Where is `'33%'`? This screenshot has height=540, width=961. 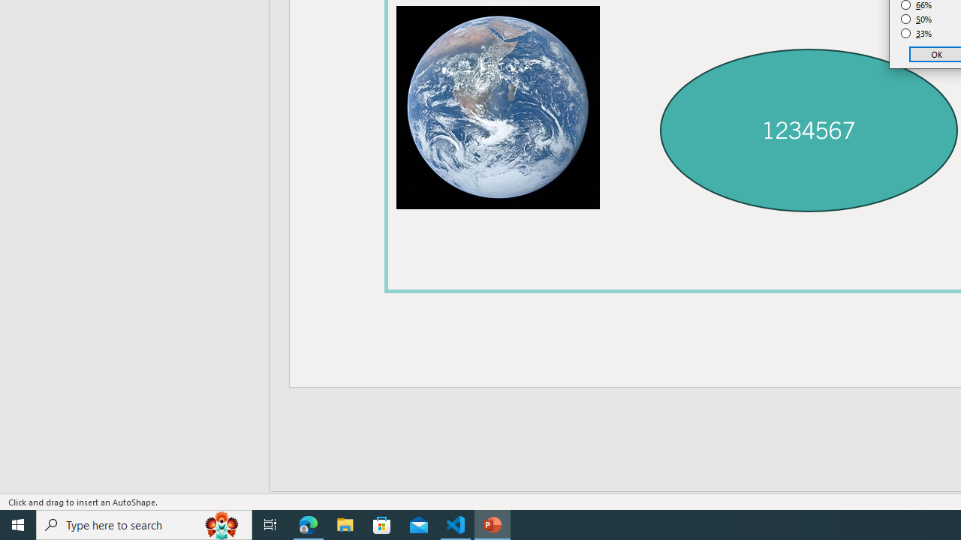 '33%' is located at coordinates (916, 34).